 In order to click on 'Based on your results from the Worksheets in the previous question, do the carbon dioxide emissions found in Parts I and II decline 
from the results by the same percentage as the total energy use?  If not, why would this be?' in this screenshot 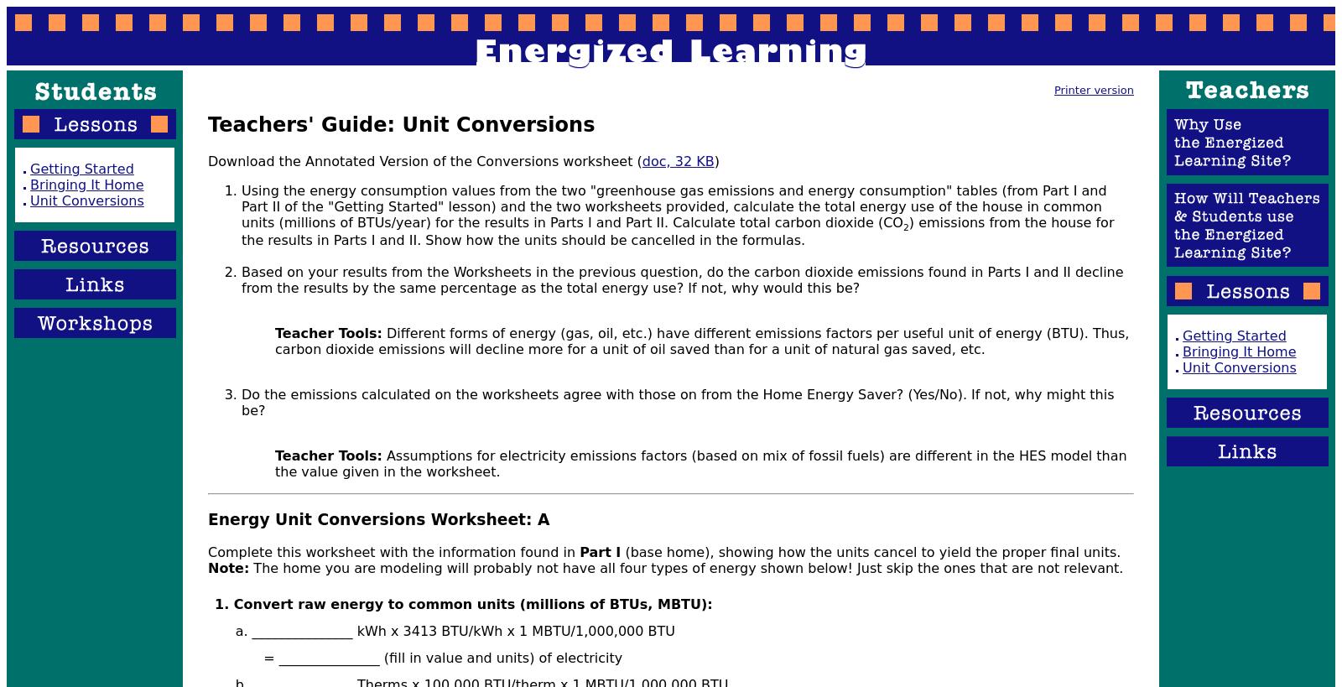, I will do `click(681, 279)`.